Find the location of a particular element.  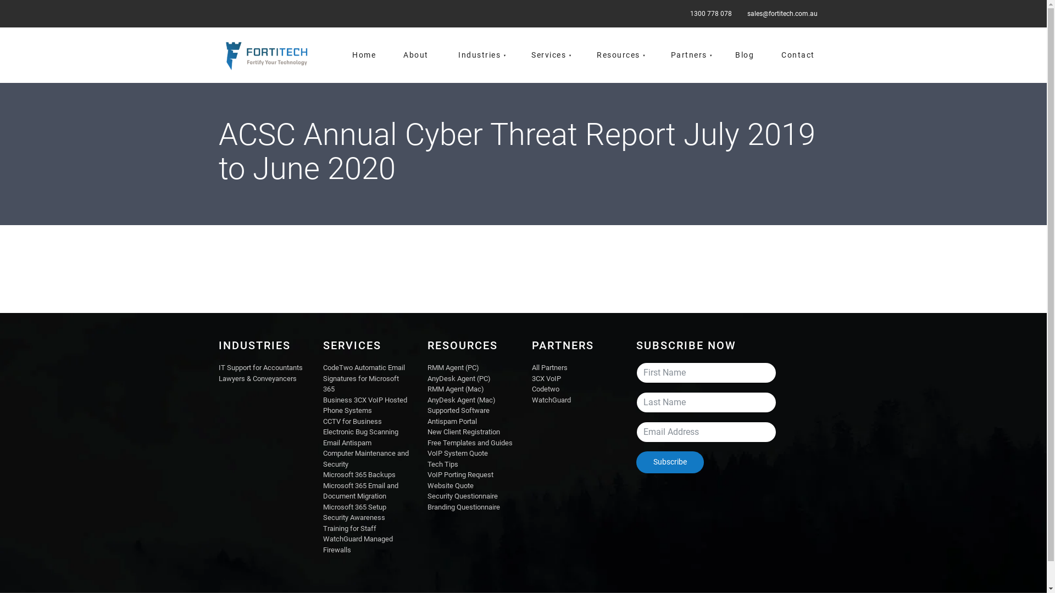

'Resources' is located at coordinates (580, 55).